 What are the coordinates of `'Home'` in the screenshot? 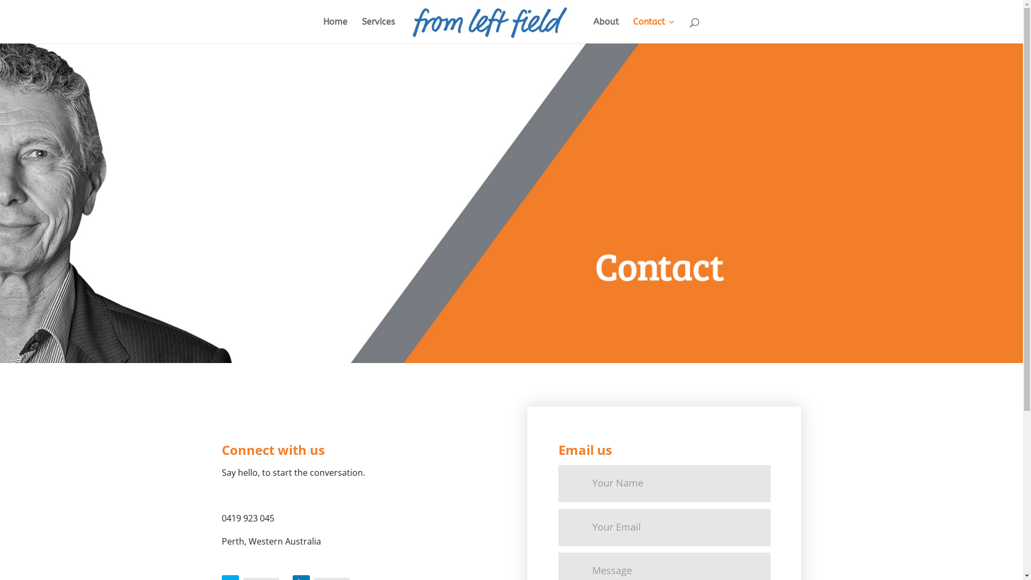 It's located at (335, 30).